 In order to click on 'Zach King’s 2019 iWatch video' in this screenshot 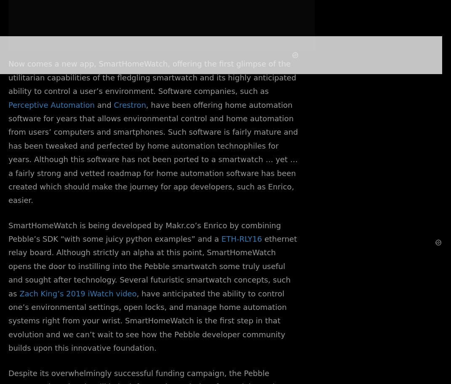, I will do `click(19, 293)`.